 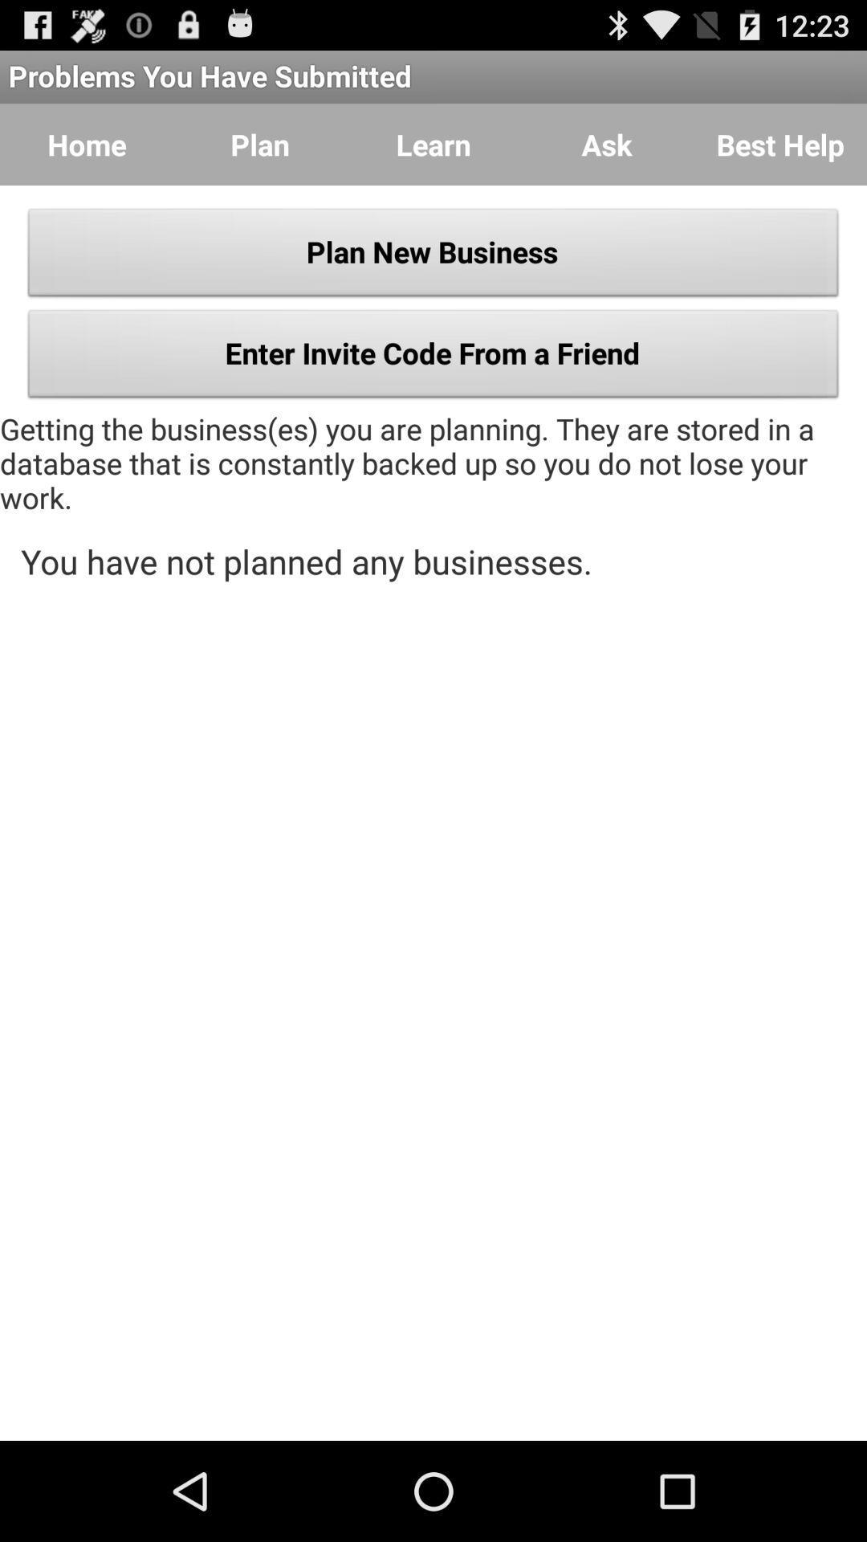 What do you see at coordinates (779, 145) in the screenshot?
I see `the item next to the ask` at bounding box center [779, 145].